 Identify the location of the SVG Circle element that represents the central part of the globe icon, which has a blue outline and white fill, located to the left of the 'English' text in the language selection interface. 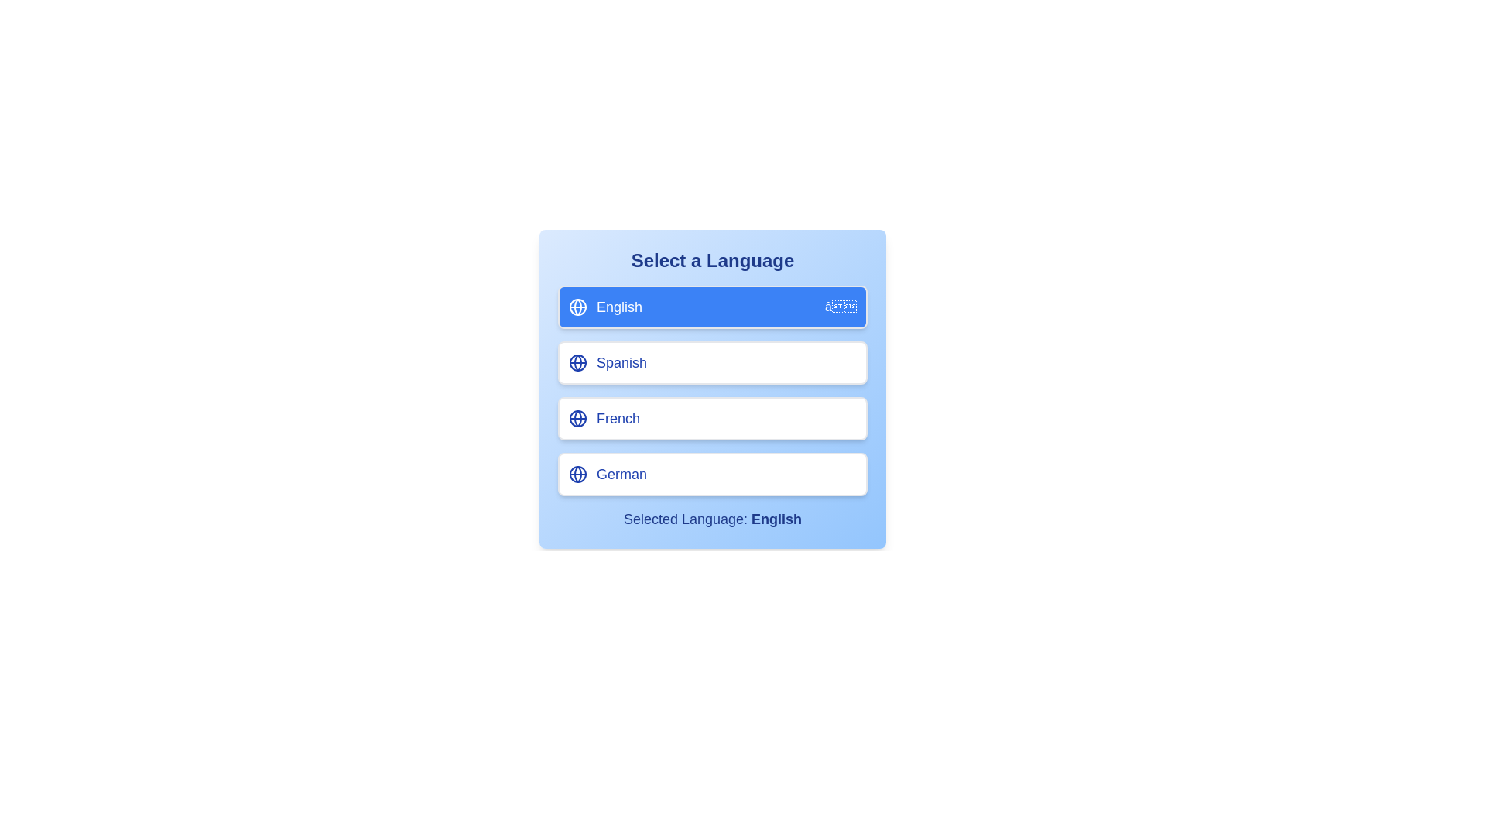
(577, 474).